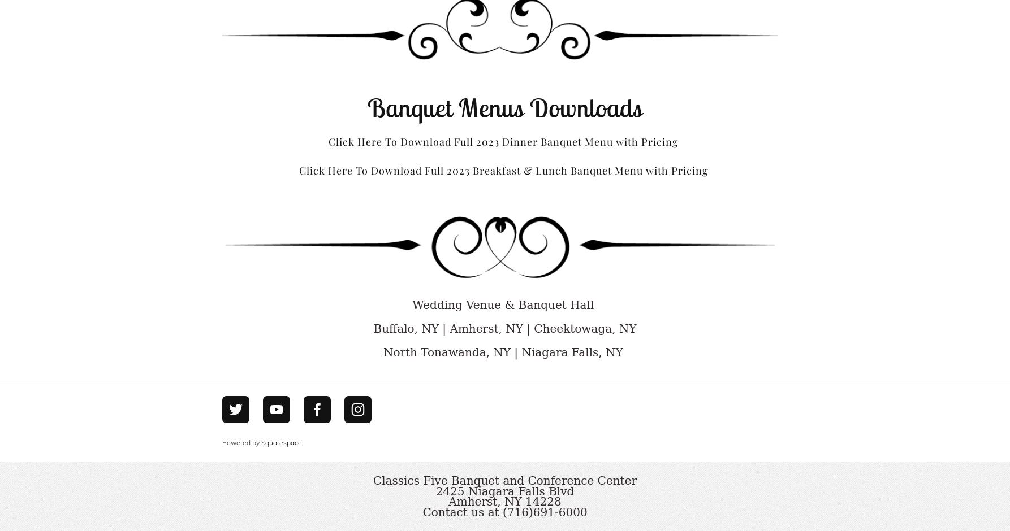  What do you see at coordinates (241, 441) in the screenshot?
I see `'Powered by'` at bounding box center [241, 441].